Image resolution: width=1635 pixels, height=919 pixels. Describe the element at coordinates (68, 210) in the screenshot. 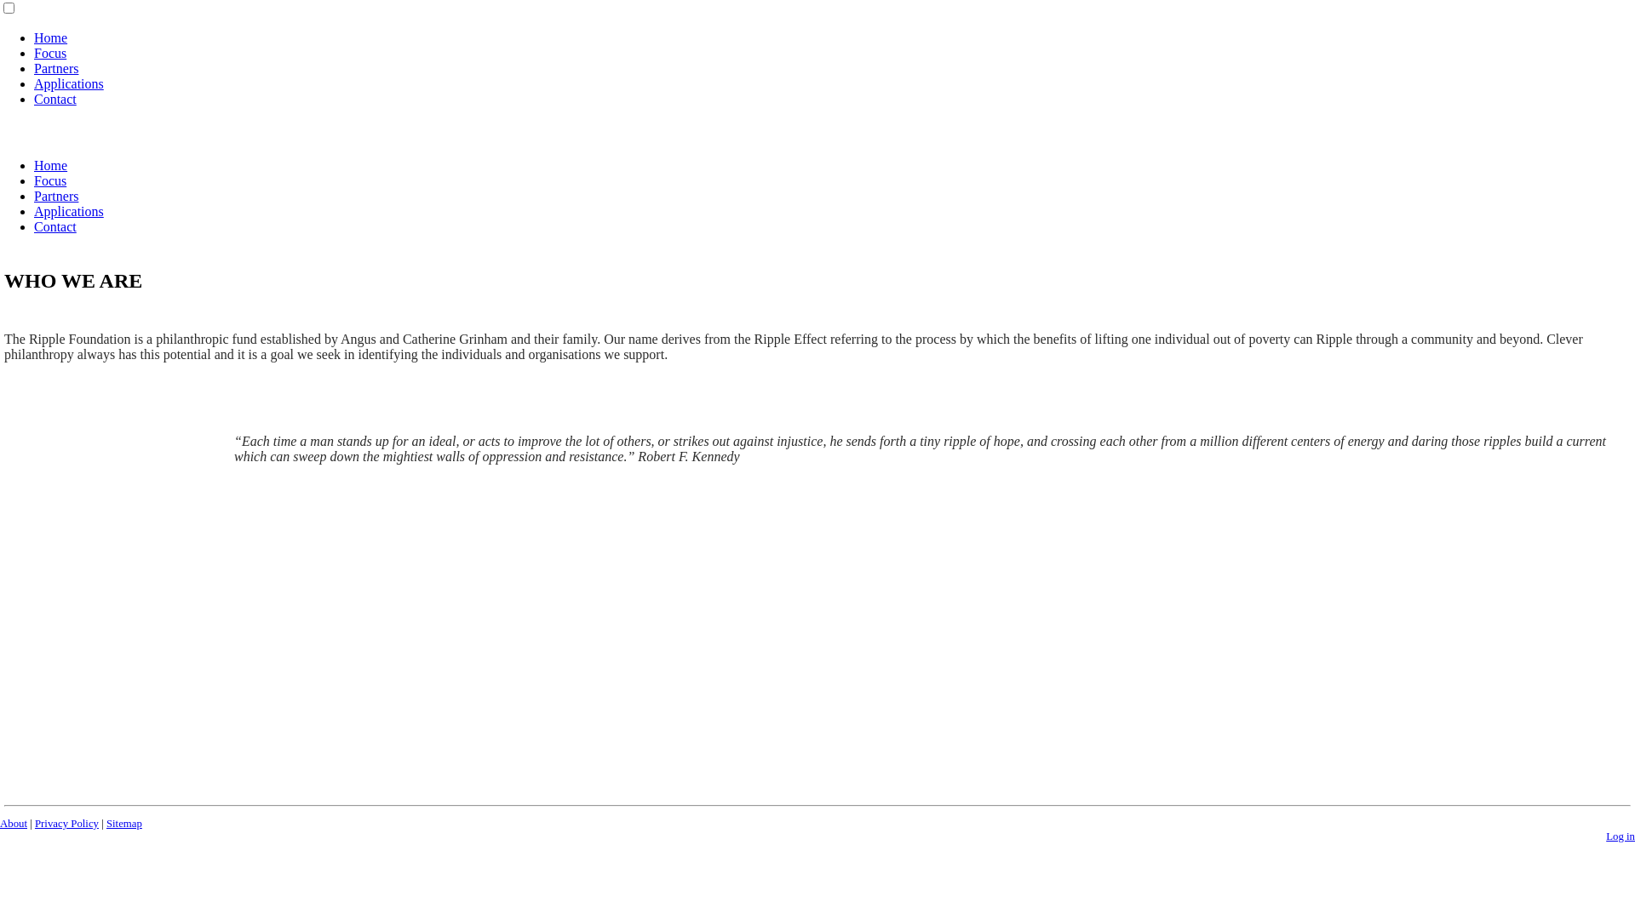

I see `'Applications'` at that location.